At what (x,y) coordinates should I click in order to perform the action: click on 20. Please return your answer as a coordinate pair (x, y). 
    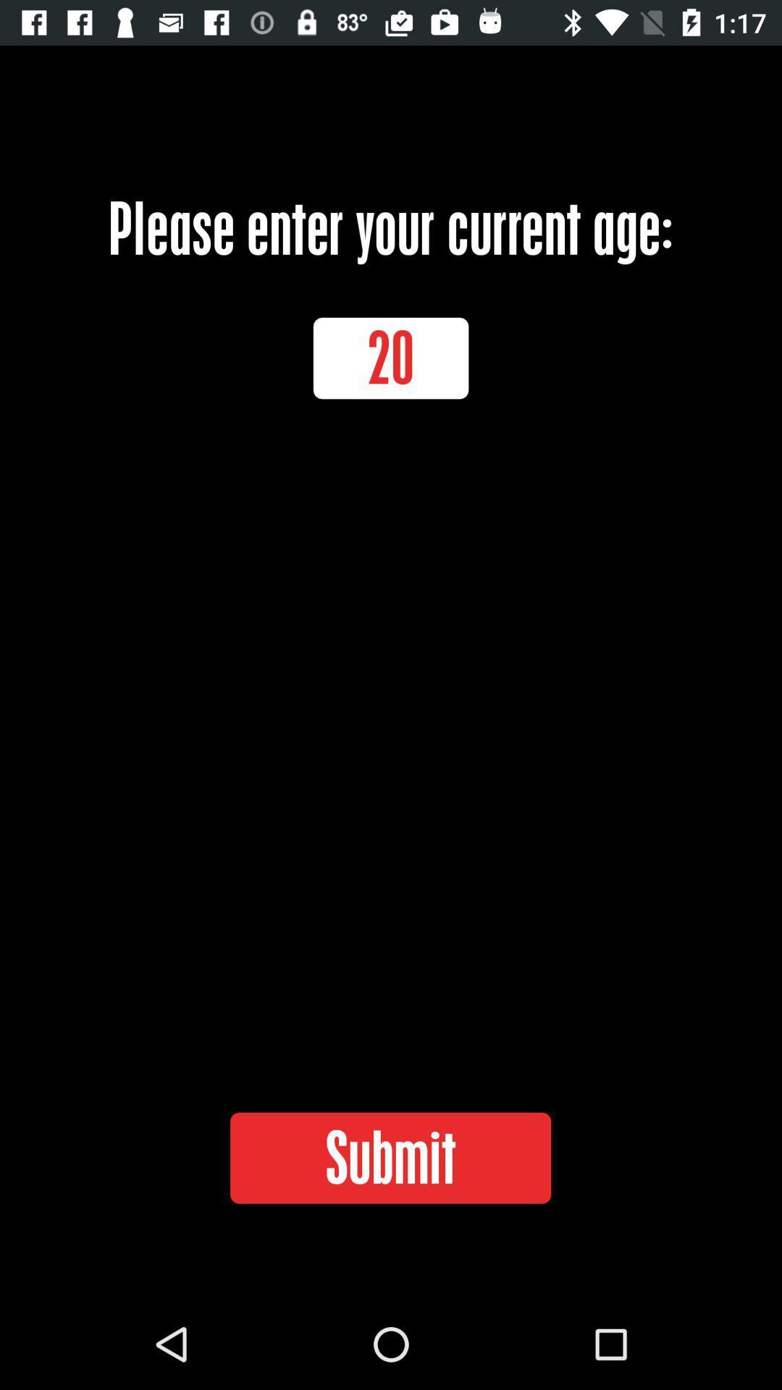
    Looking at the image, I should click on (391, 358).